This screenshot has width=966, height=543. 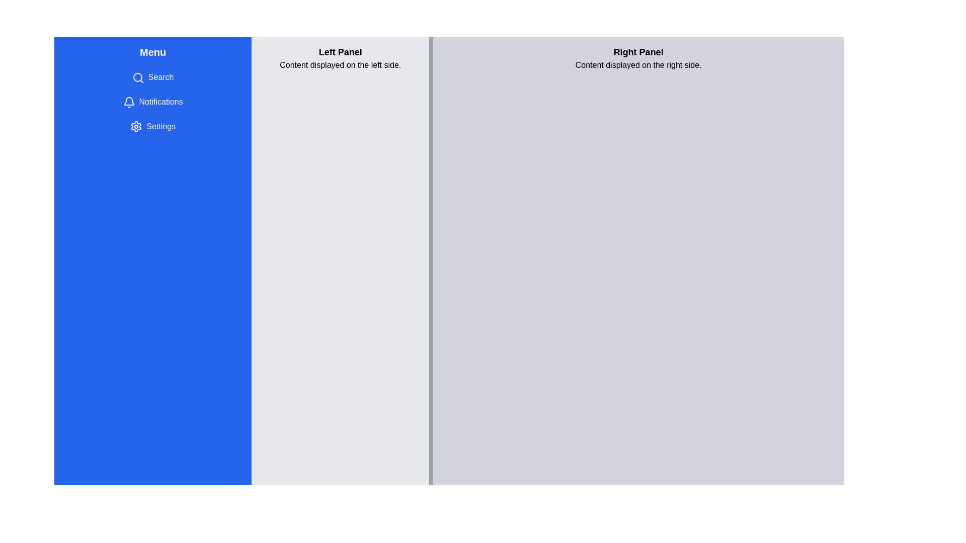 I want to click on the settings icon located in the bottom section of the left sidebar, adjacent to the 'Settings' text label, so click(x=136, y=126).